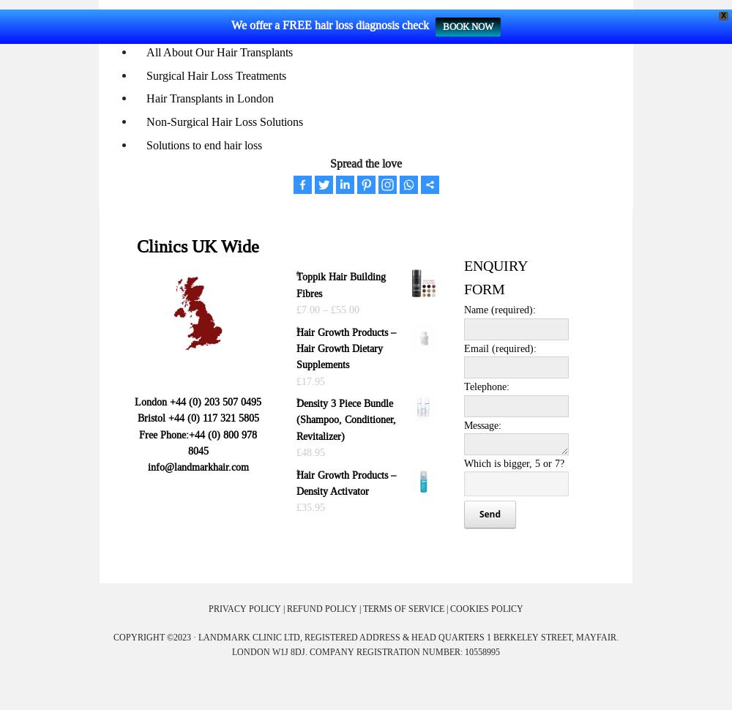 This screenshot has height=710, width=732. Describe the element at coordinates (137, 247) in the screenshot. I see `'Clinics UK Wide'` at that location.